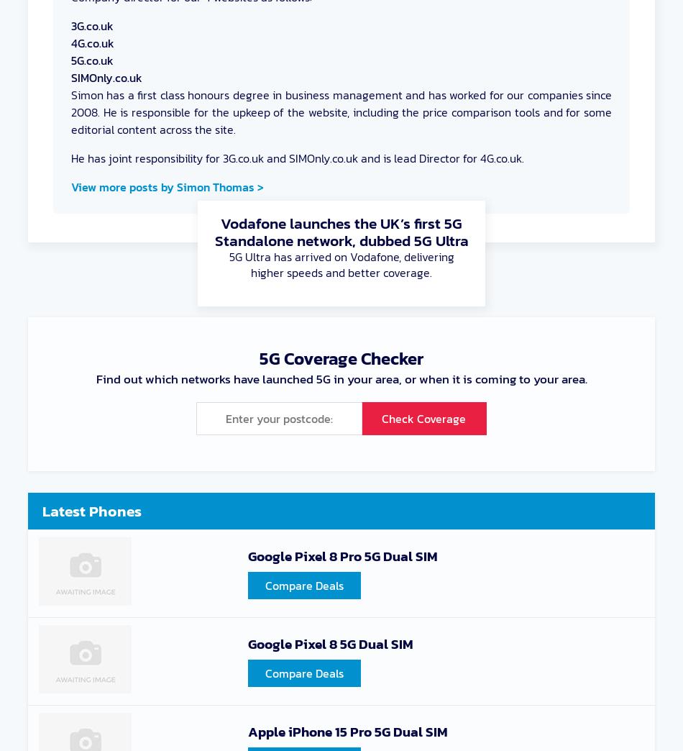 The width and height of the screenshot is (683, 751). I want to click on 'Google Pixel 8 Pro 5G Dual SIM', so click(342, 555).